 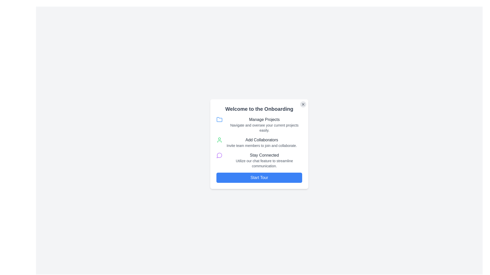 I want to click on the folder icon, which has a light blue outline, so click(x=219, y=119).